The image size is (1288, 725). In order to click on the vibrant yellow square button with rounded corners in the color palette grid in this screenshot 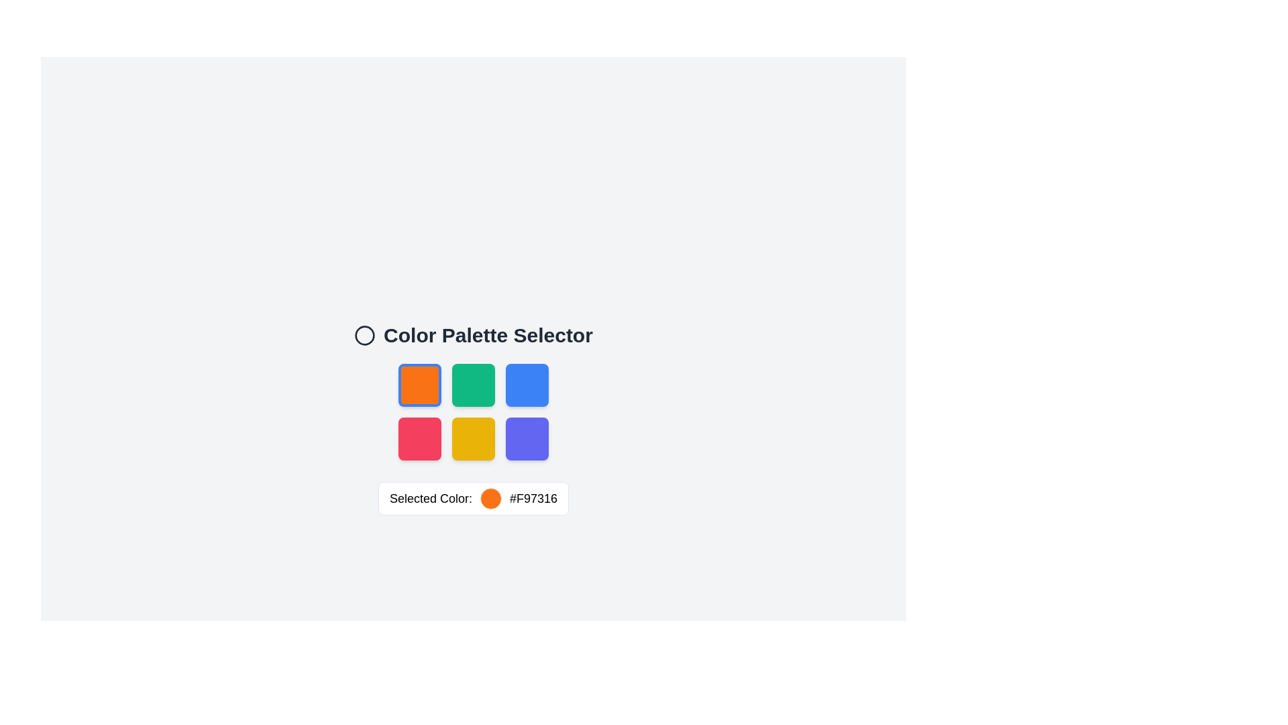, I will do `click(473, 439)`.